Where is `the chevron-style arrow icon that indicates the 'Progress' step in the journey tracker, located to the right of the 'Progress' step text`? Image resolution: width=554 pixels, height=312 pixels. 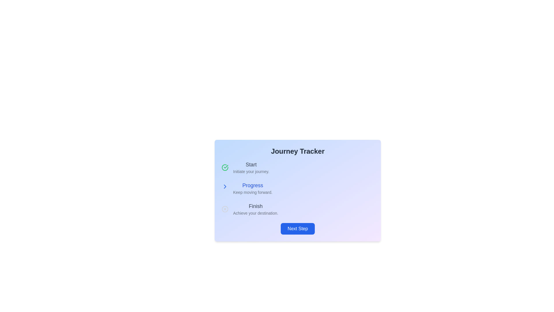 the chevron-style arrow icon that indicates the 'Progress' step in the journey tracker, located to the right of the 'Progress' step text is located at coordinates (224, 188).